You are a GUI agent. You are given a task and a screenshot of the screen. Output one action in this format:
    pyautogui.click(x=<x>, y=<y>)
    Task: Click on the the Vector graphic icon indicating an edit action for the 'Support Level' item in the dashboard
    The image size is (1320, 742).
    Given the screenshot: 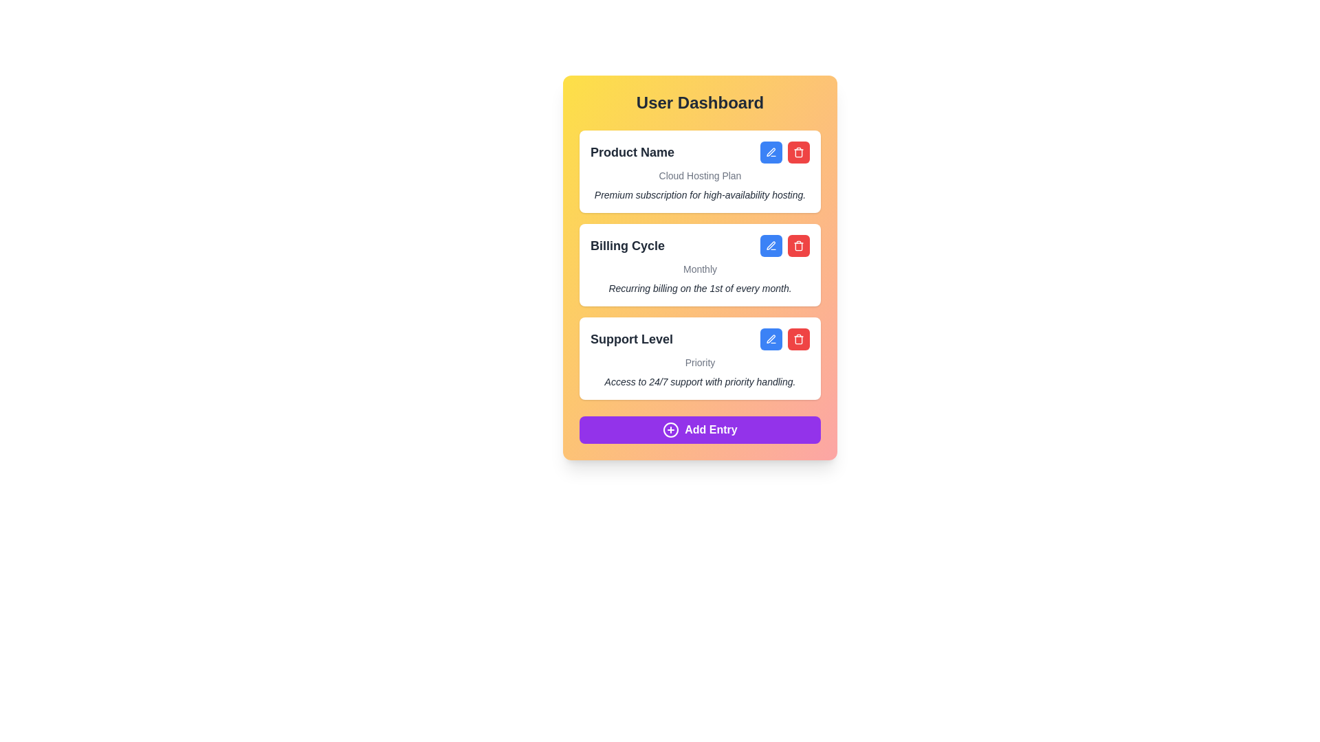 What is the action you would take?
    pyautogui.click(x=771, y=339)
    